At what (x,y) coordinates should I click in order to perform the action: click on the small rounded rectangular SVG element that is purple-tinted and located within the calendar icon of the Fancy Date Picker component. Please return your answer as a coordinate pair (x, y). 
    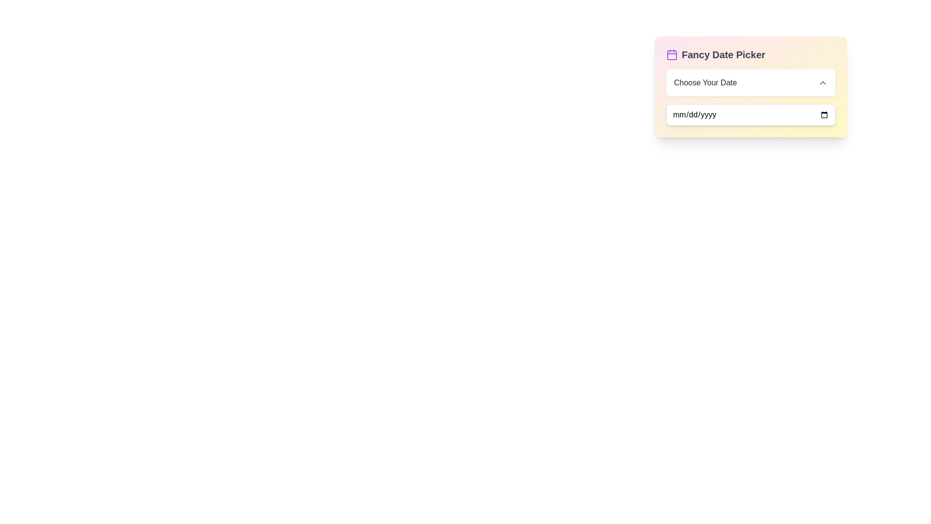
    Looking at the image, I should click on (672, 55).